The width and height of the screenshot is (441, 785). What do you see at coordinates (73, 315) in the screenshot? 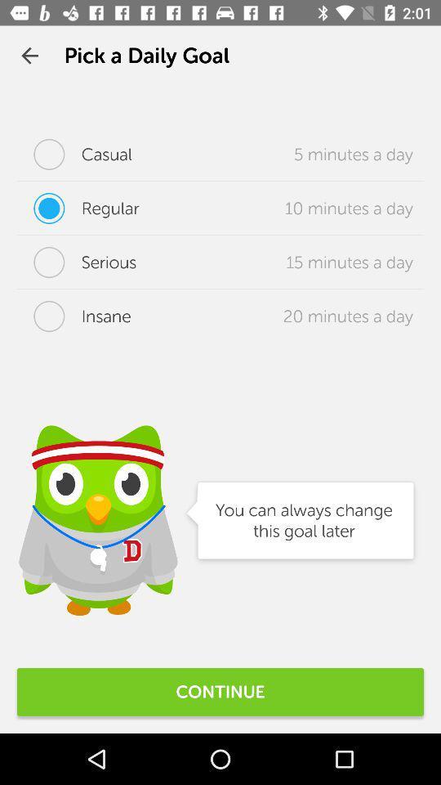
I see `the item below the serious` at bounding box center [73, 315].